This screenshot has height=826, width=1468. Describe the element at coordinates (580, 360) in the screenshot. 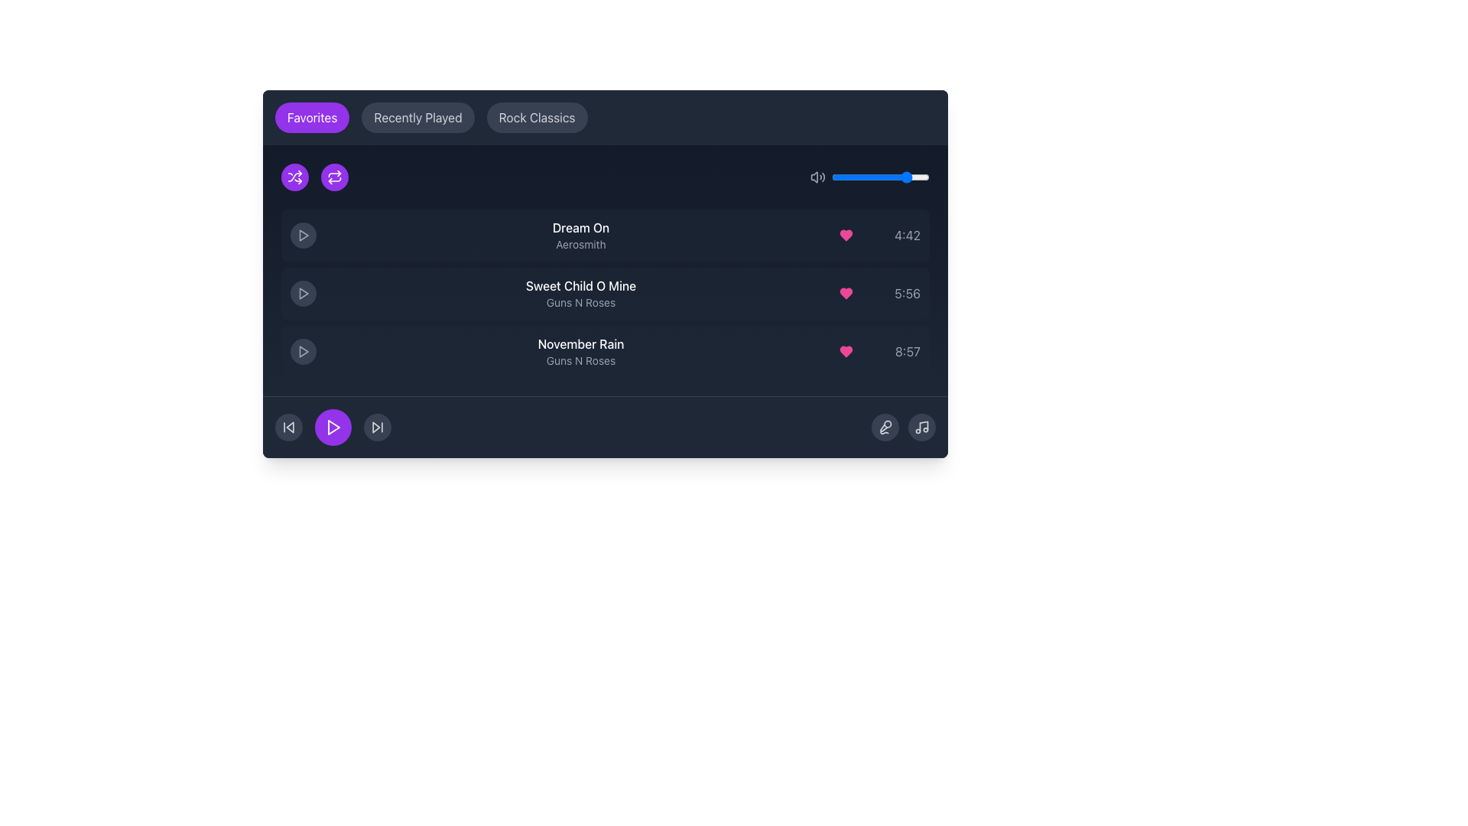

I see `the non-interactive text label displaying the artist associated with the song 'November Rain', located within the third list item beneath the title 'November Rain'` at that location.